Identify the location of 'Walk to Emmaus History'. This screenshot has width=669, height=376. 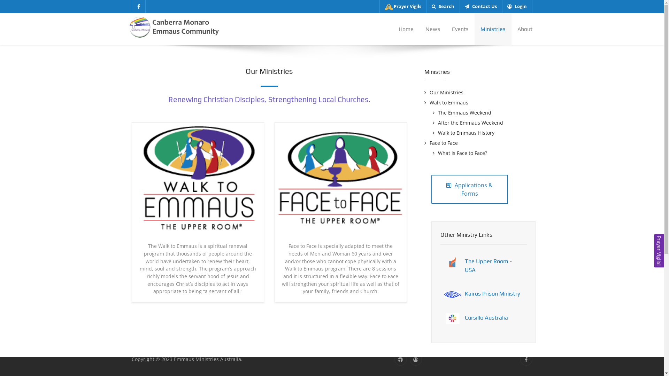
(463, 133).